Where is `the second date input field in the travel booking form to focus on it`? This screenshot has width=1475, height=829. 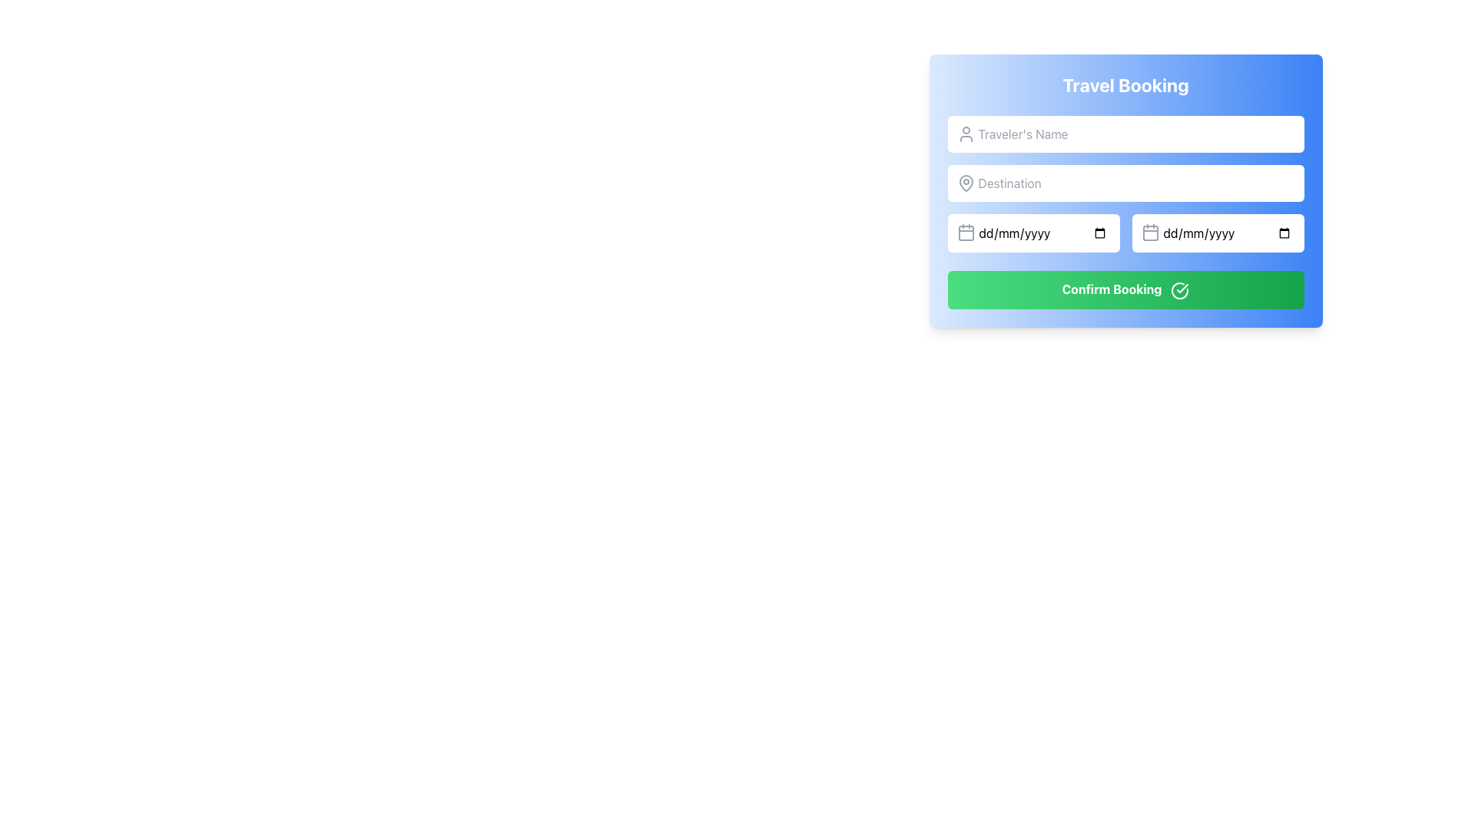 the second date input field in the travel booking form to focus on it is located at coordinates (1217, 233).